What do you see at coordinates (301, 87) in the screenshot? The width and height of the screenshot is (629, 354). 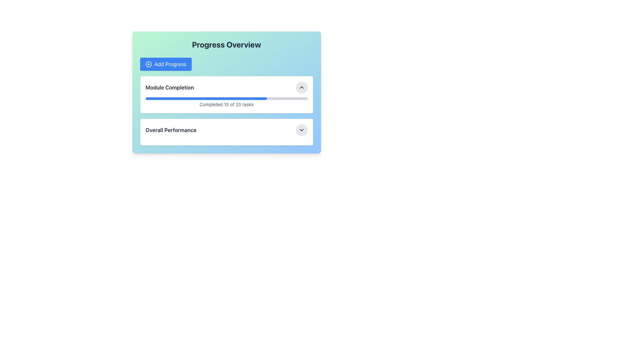 I see `the rounded button containing the chevron up icon to observe the hover effects associated with the 'Module Completion' section` at bounding box center [301, 87].